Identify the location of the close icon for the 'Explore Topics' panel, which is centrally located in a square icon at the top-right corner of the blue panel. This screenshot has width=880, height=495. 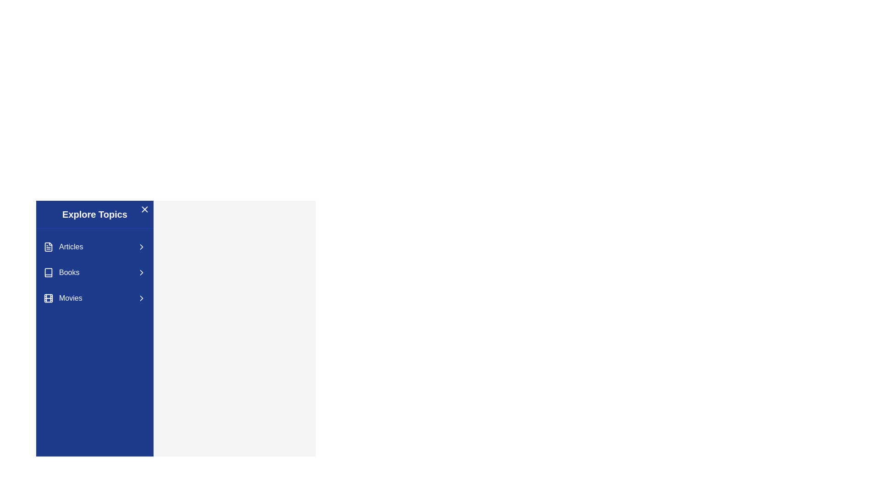
(144, 209).